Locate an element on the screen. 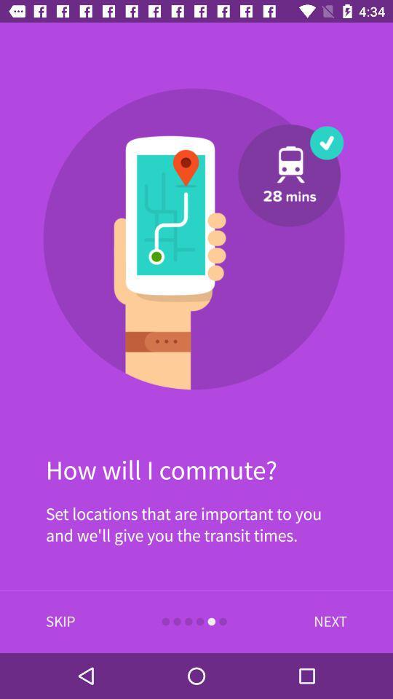 The width and height of the screenshot is (393, 699). next icon is located at coordinates (327, 621).